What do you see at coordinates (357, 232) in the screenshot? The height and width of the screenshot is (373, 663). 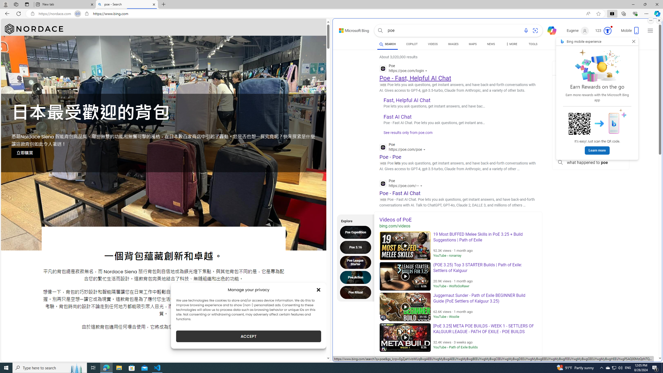 I see `'Poe Expedition'` at bounding box center [357, 232].